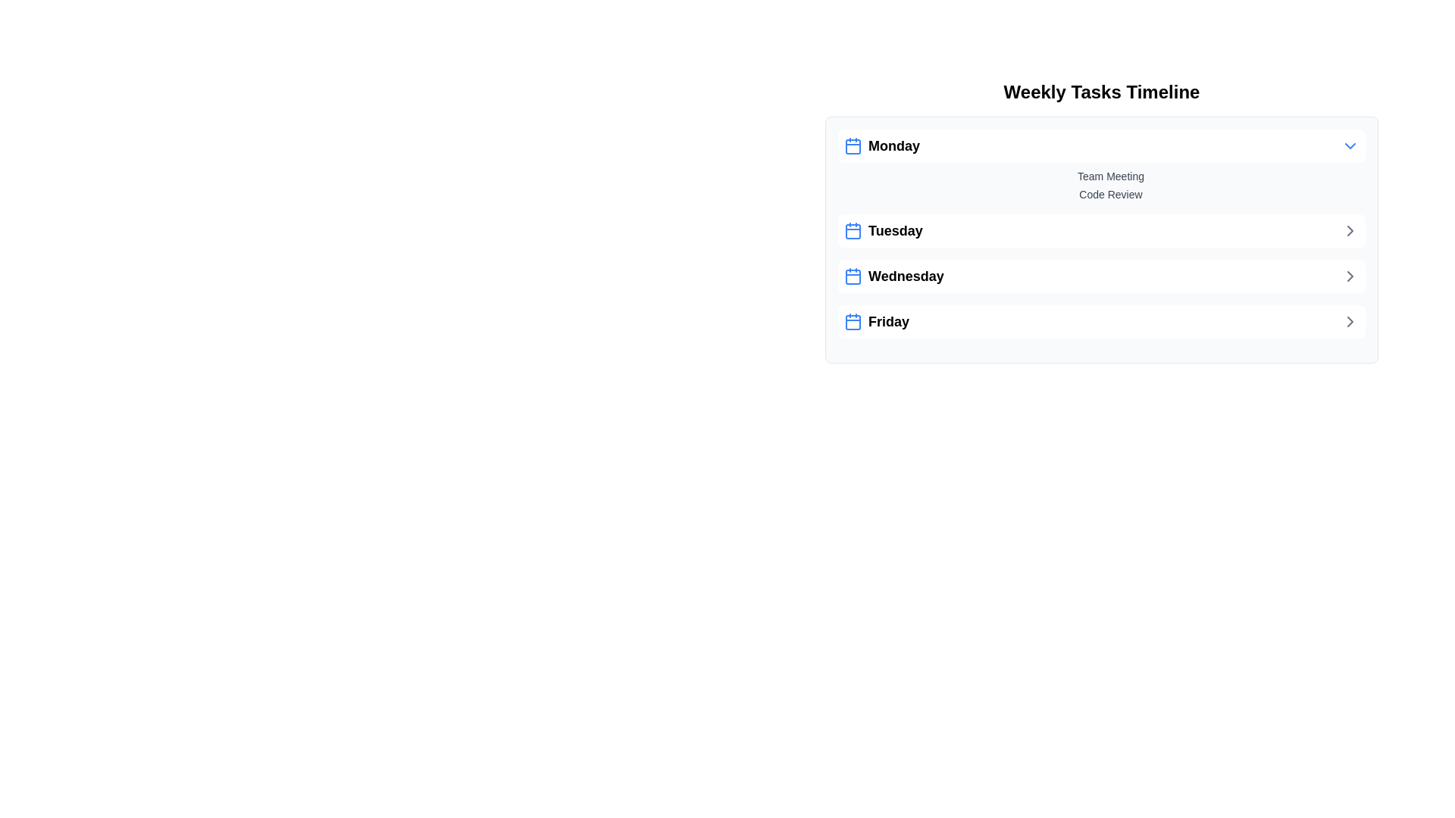 The height and width of the screenshot is (818, 1455). I want to click on the calendar icon that precedes the 'Friday' text in the last row of the list on the right side panel, so click(853, 320).